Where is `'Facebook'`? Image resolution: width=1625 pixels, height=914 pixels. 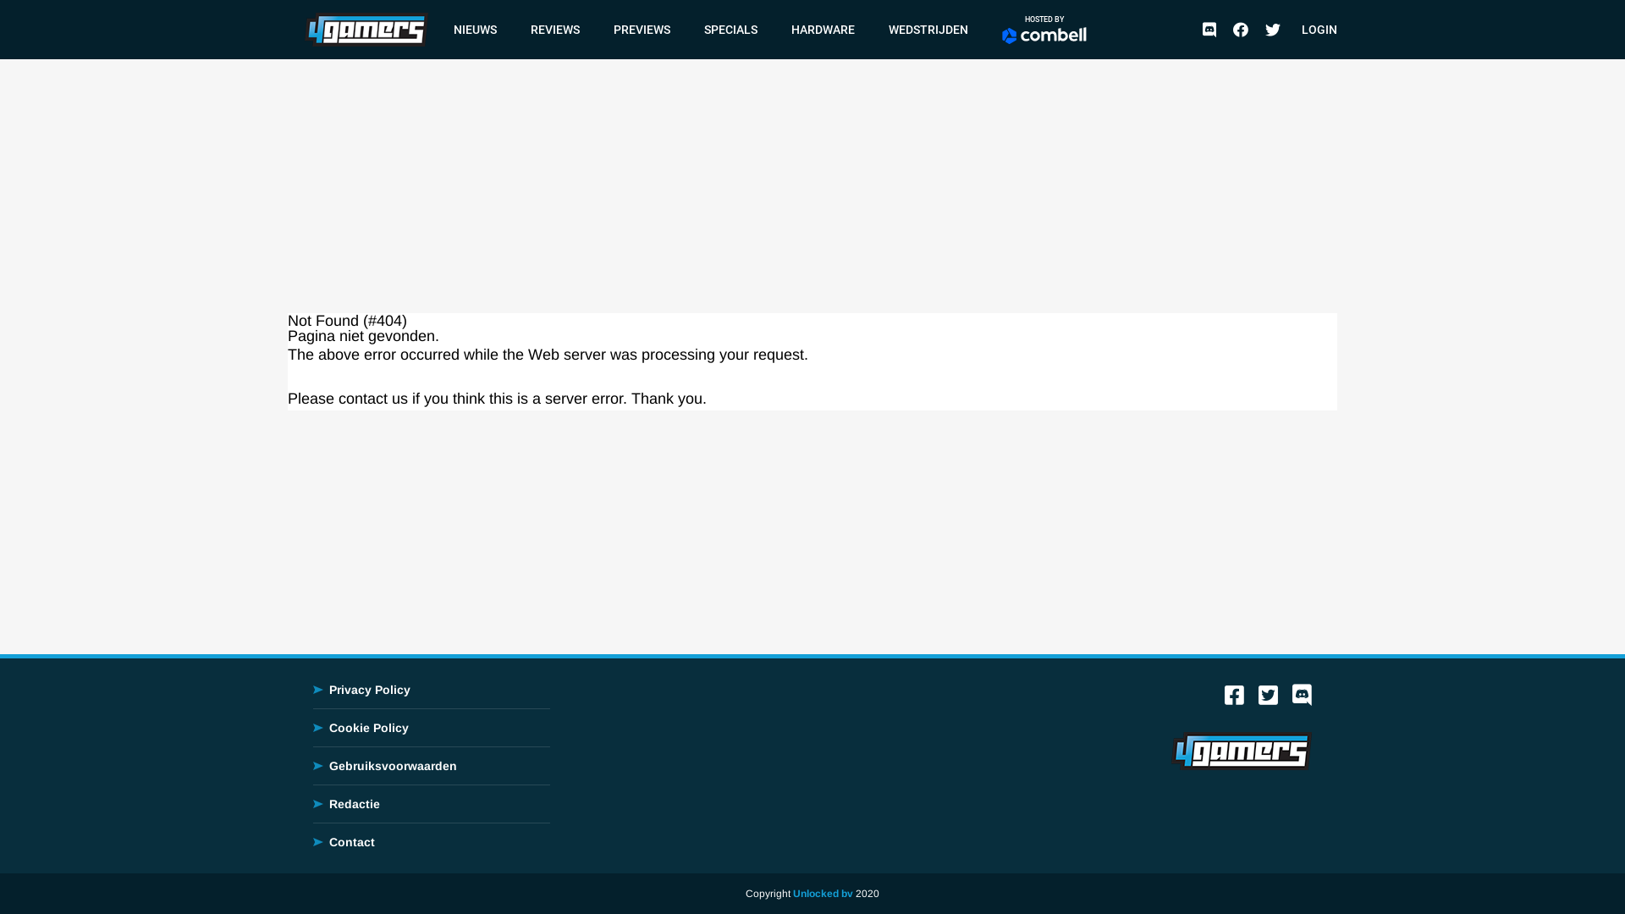 'Facebook' is located at coordinates (1240, 29).